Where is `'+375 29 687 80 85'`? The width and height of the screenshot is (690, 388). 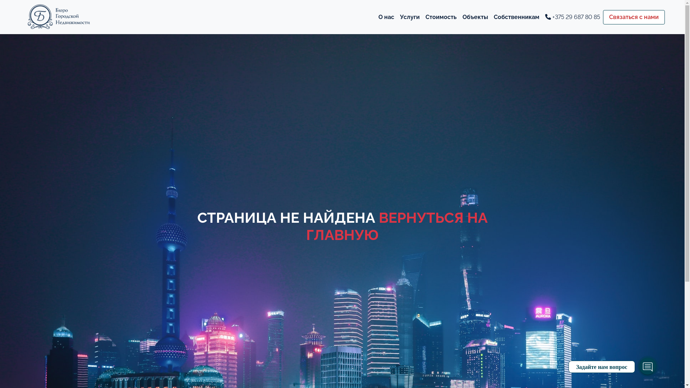
'+375 29 687 80 85' is located at coordinates (572, 17).